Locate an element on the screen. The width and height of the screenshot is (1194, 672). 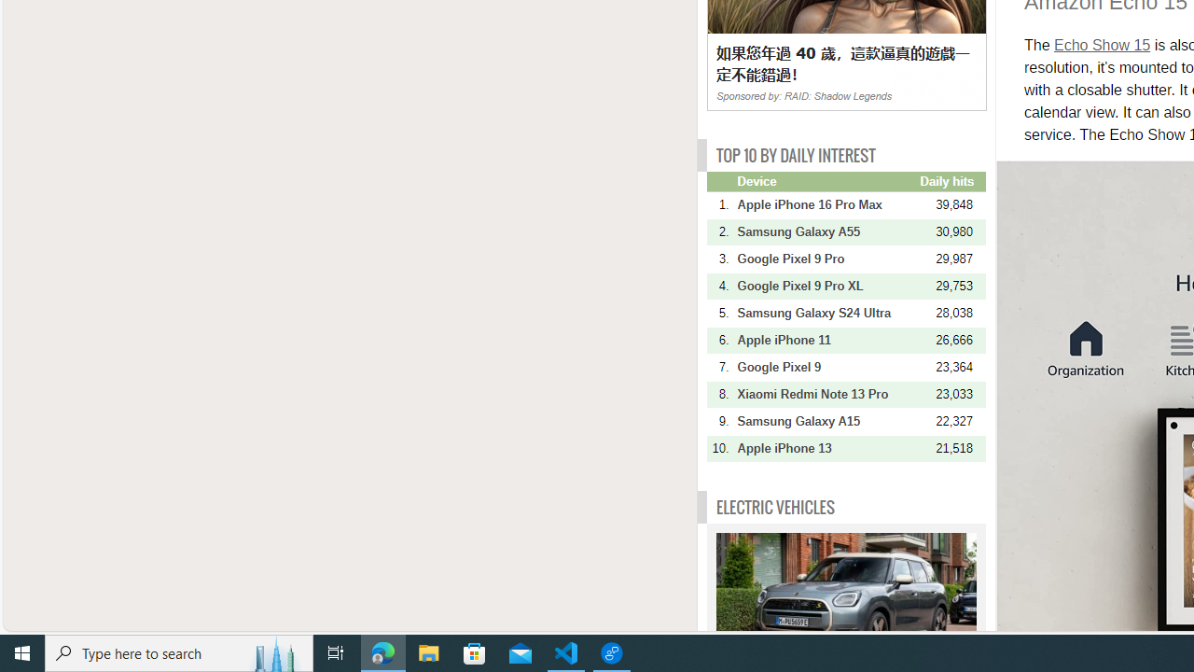
'Apple iPhone 13' is located at coordinates (826, 448).